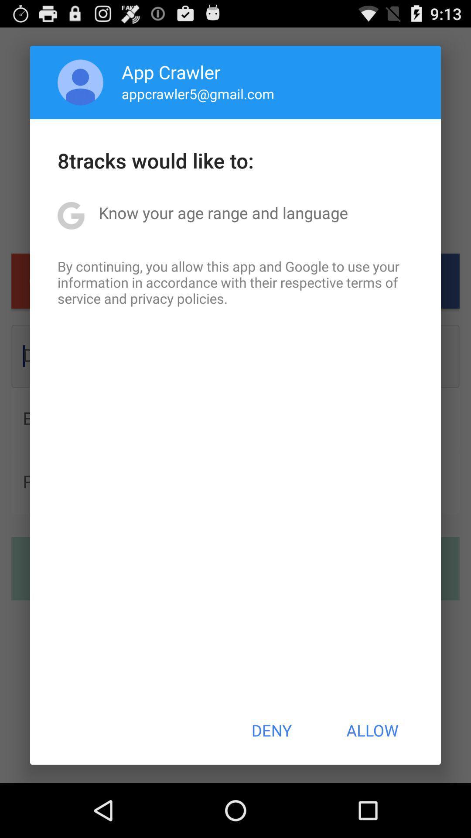 The image size is (471, 838). What do you see at coordinates (198, 93) in the screenshot?
I see `the icon above the 8tracks would like icon` at bounding box center [198, 93].